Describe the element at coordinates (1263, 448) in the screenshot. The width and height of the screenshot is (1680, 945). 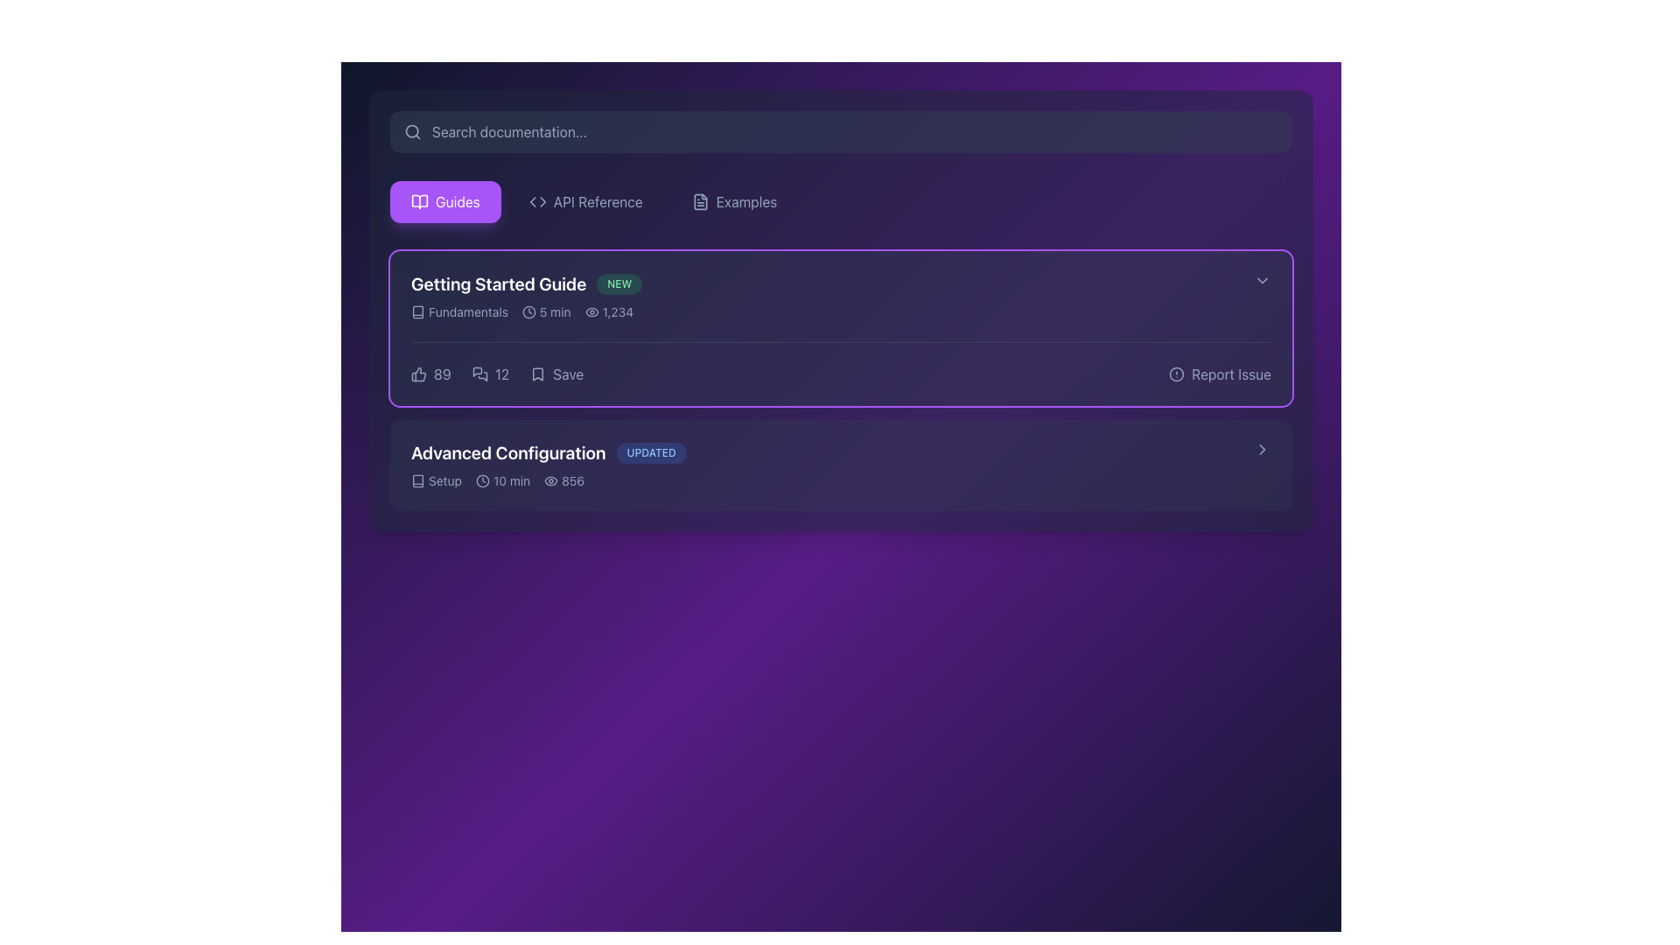
I see `right arrow part of the chevron icon located in the lower right corner of the second tile by using developer tools` at that location.